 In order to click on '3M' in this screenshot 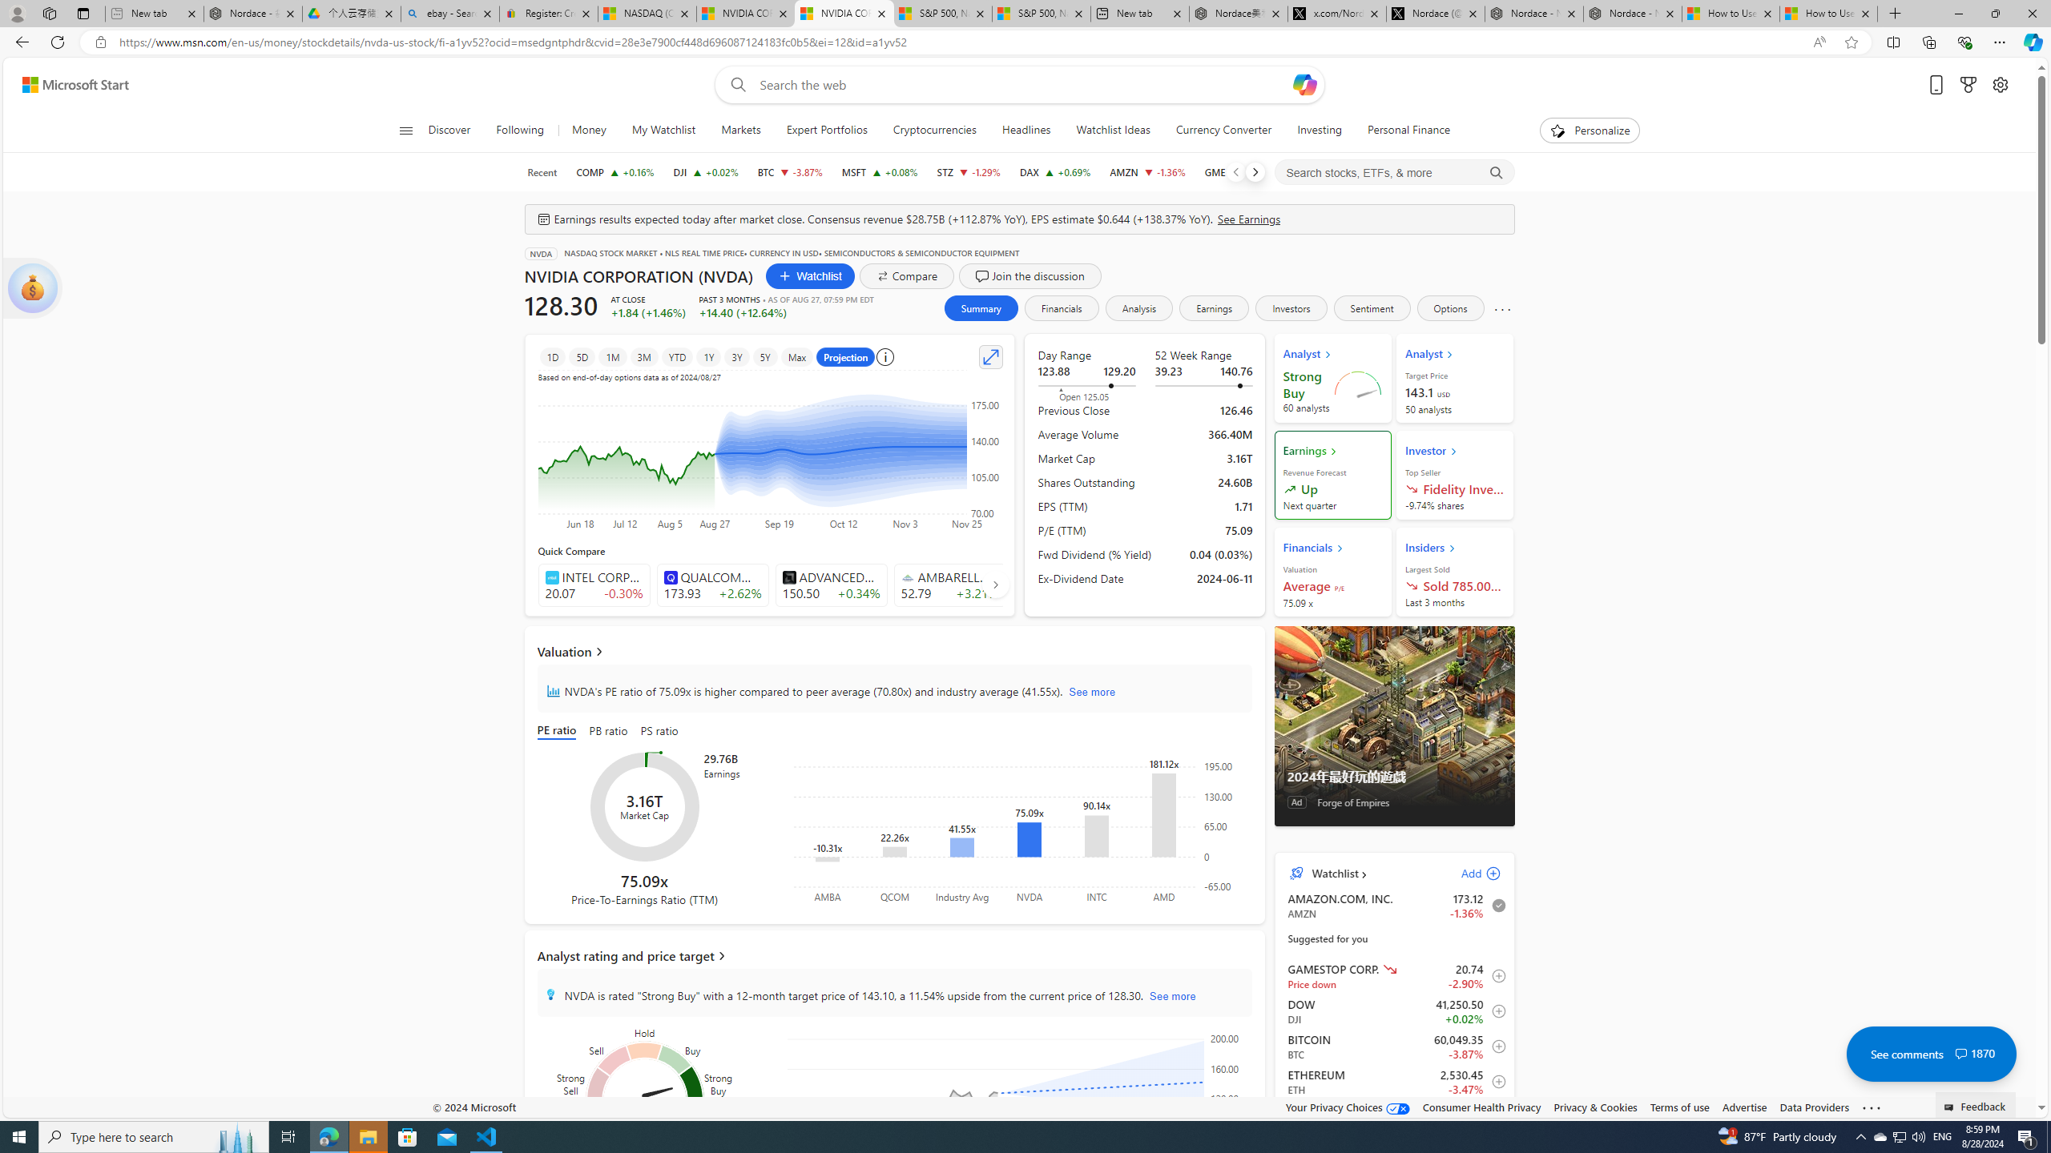, I will do `click(643, 356)`.